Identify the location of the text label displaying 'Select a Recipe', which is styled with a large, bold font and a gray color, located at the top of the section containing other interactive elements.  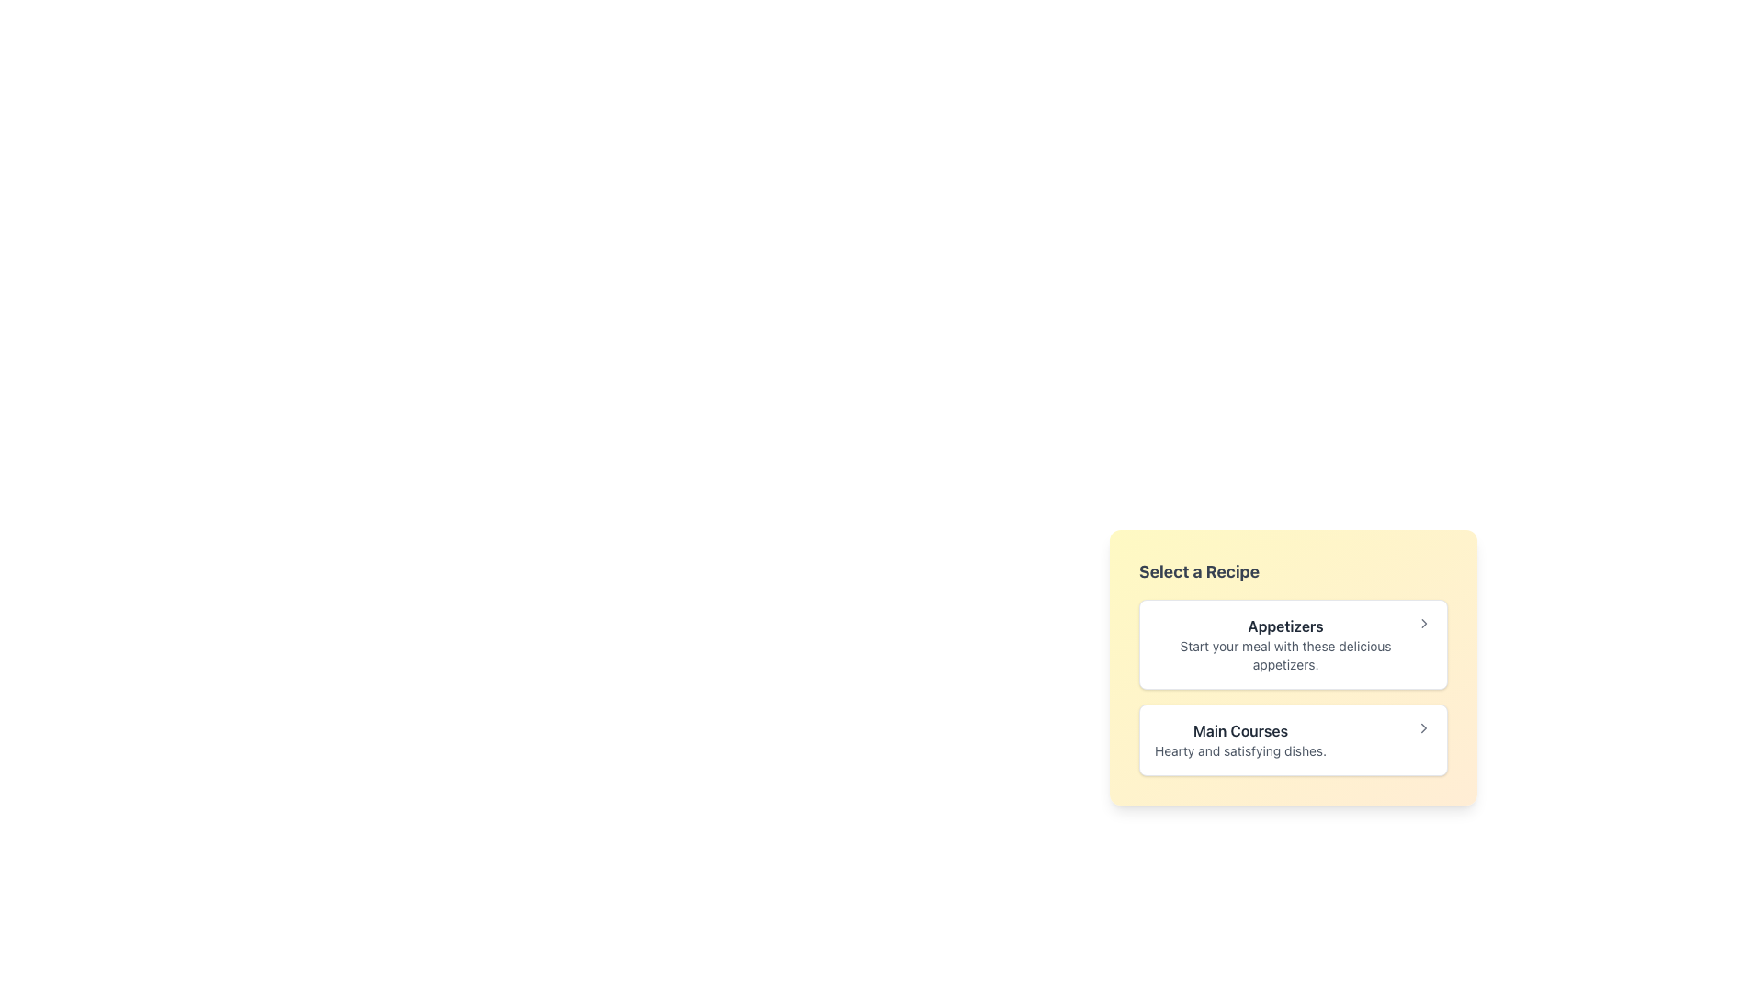
(1199, 571).